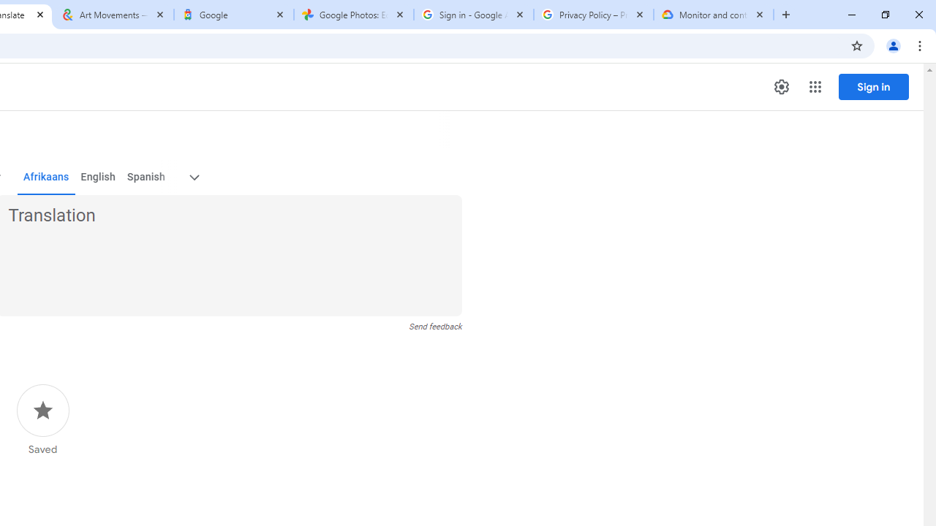  I want to click on 'Spanish', so click(146, 177).